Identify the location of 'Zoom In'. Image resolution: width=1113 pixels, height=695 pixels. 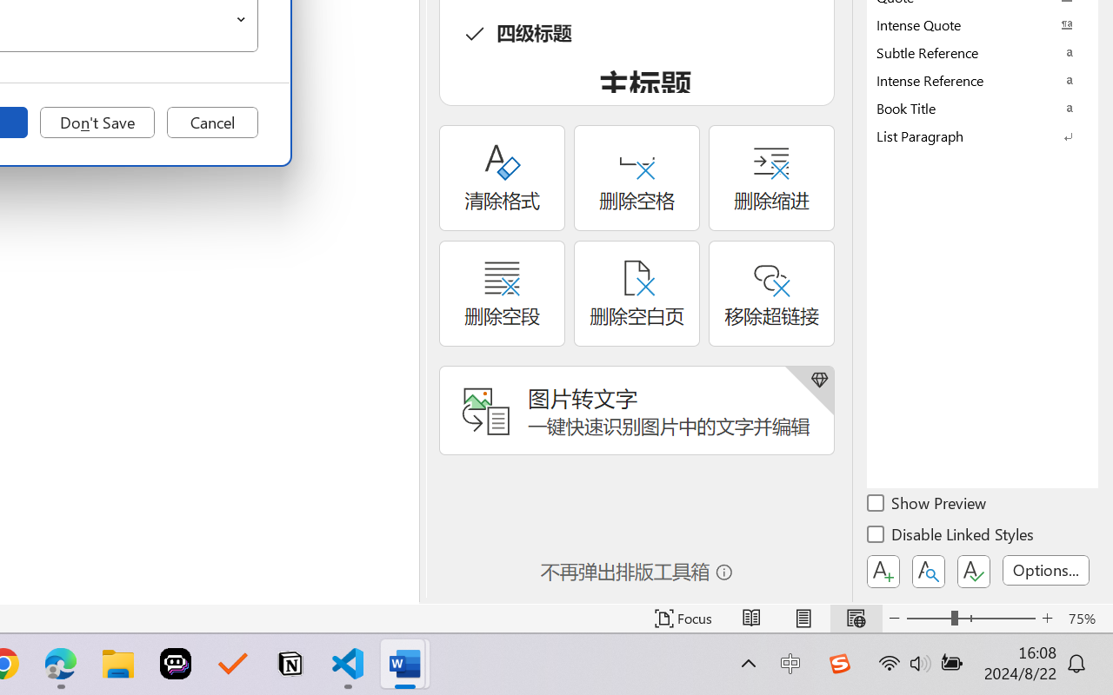
(1047, 618).